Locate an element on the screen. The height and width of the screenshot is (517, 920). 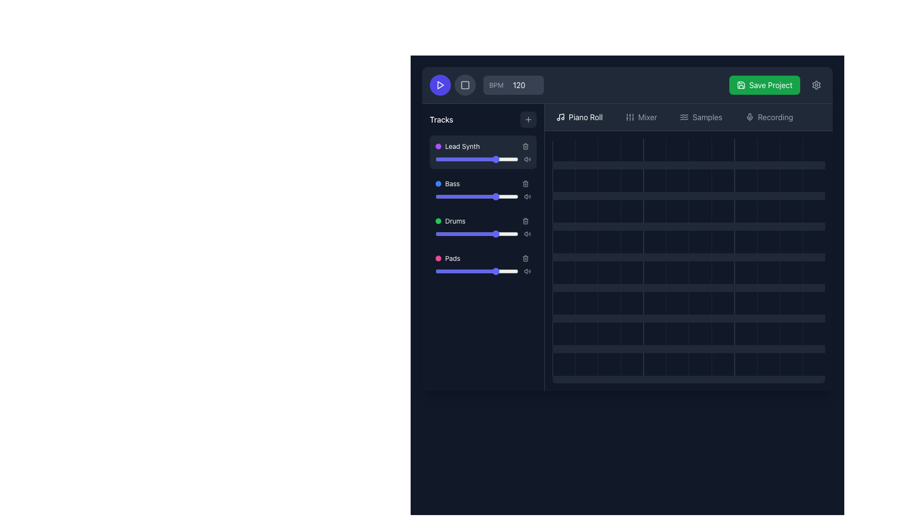
the Grid Cell located in the third column of the second row within the main interactive panel to the right of the Tracks section is located at coordinates (609, 180).